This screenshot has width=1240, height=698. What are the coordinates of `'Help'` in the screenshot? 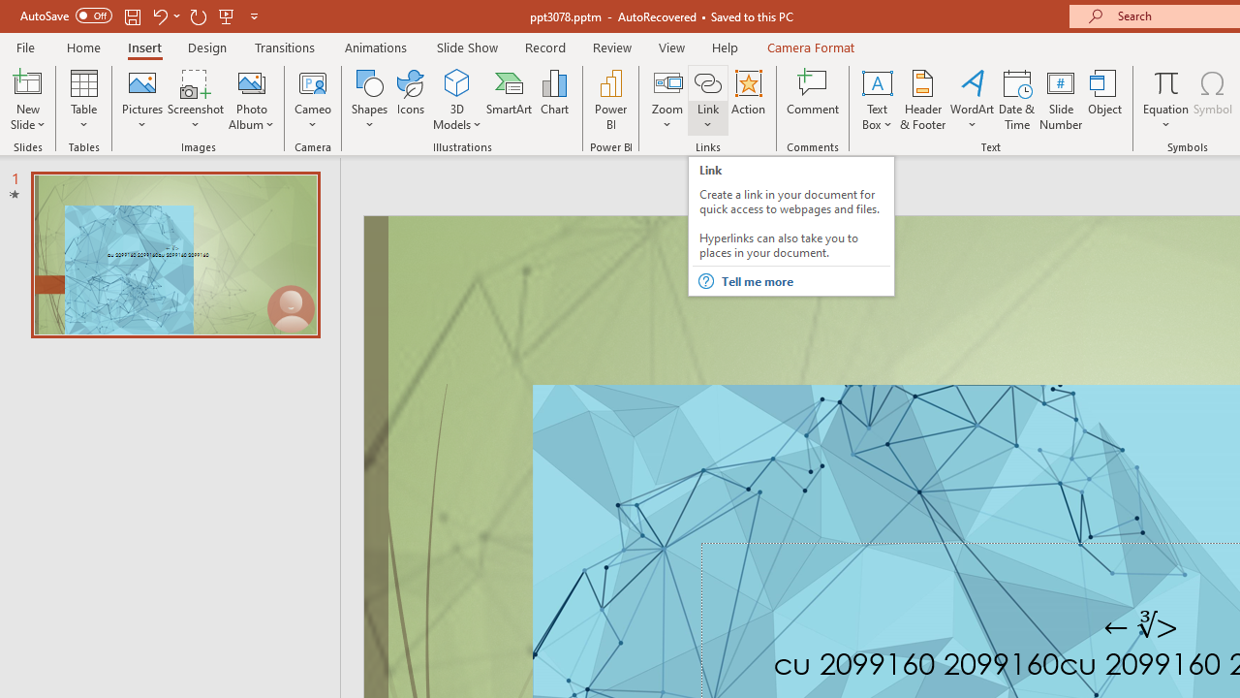 It's located at (724, 47).